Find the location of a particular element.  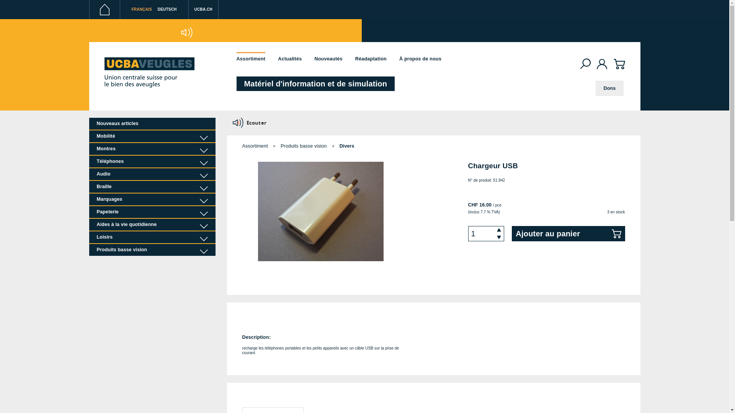

'Marquages' is located at coordinates (152, 199).